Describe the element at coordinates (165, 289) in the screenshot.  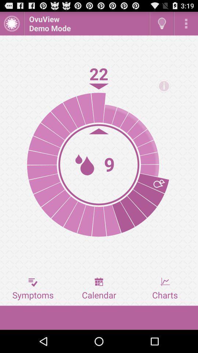
I see `the charts icon` at that location.